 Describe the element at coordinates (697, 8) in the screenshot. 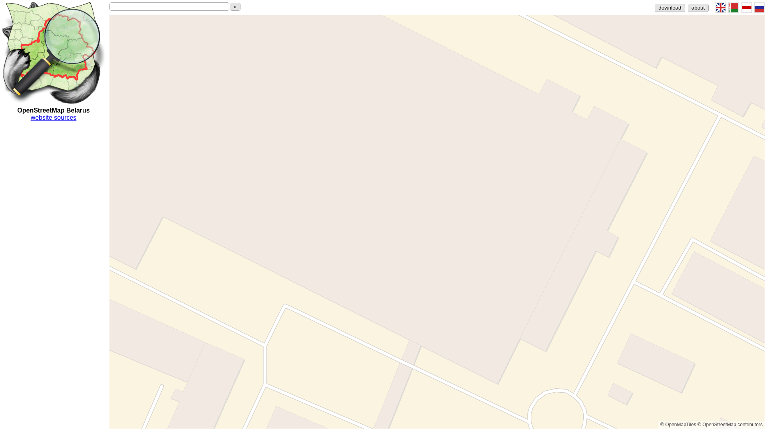

I see `'about'` at that location.